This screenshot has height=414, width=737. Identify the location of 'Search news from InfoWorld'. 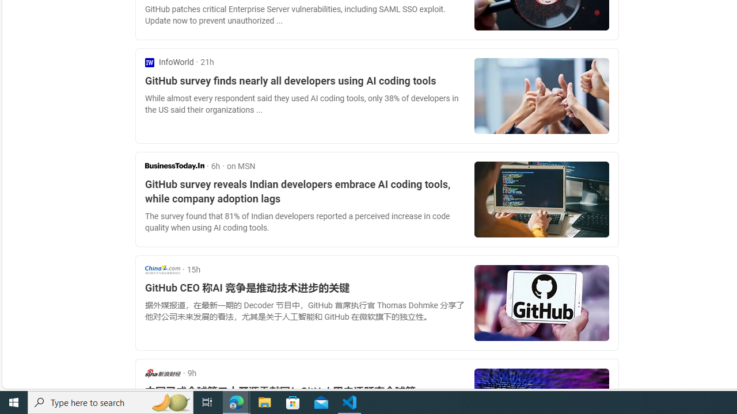
(169, 62).